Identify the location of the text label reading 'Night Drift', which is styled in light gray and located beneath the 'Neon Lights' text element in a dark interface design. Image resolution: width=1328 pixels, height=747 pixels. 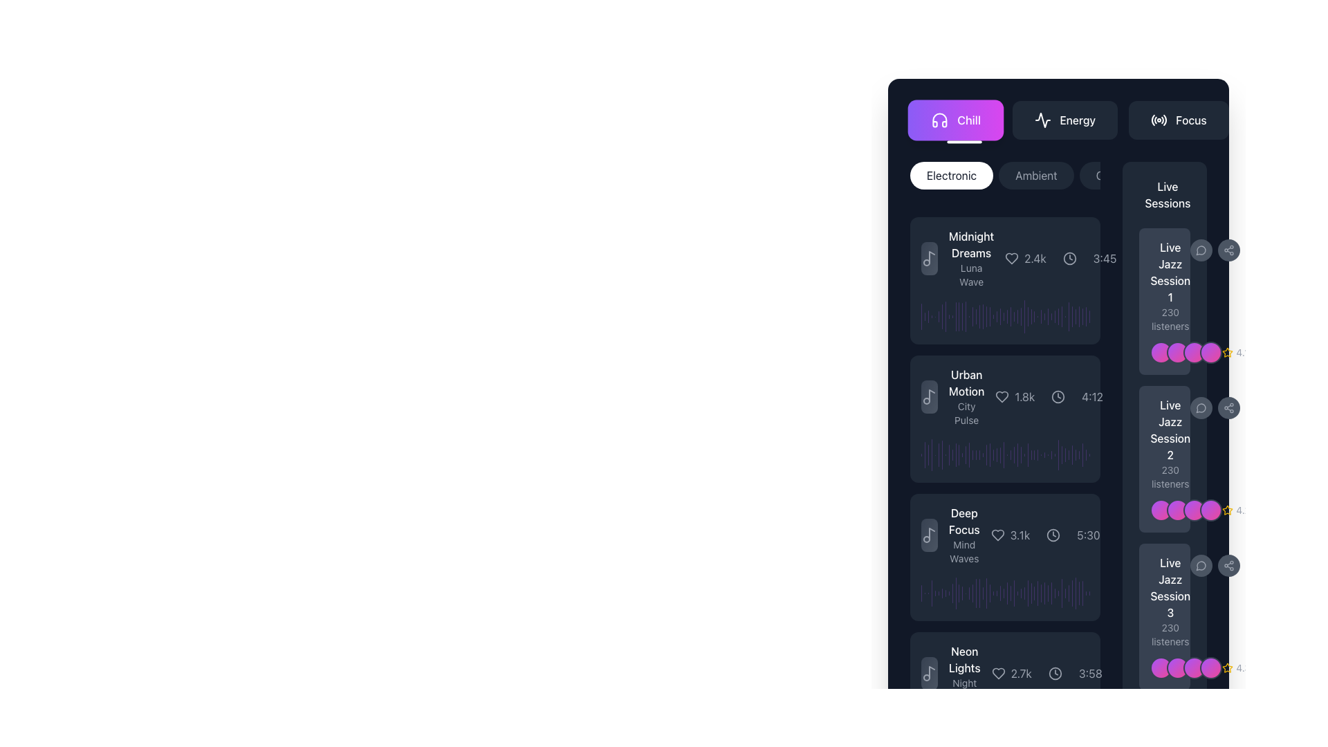
(963, 690).